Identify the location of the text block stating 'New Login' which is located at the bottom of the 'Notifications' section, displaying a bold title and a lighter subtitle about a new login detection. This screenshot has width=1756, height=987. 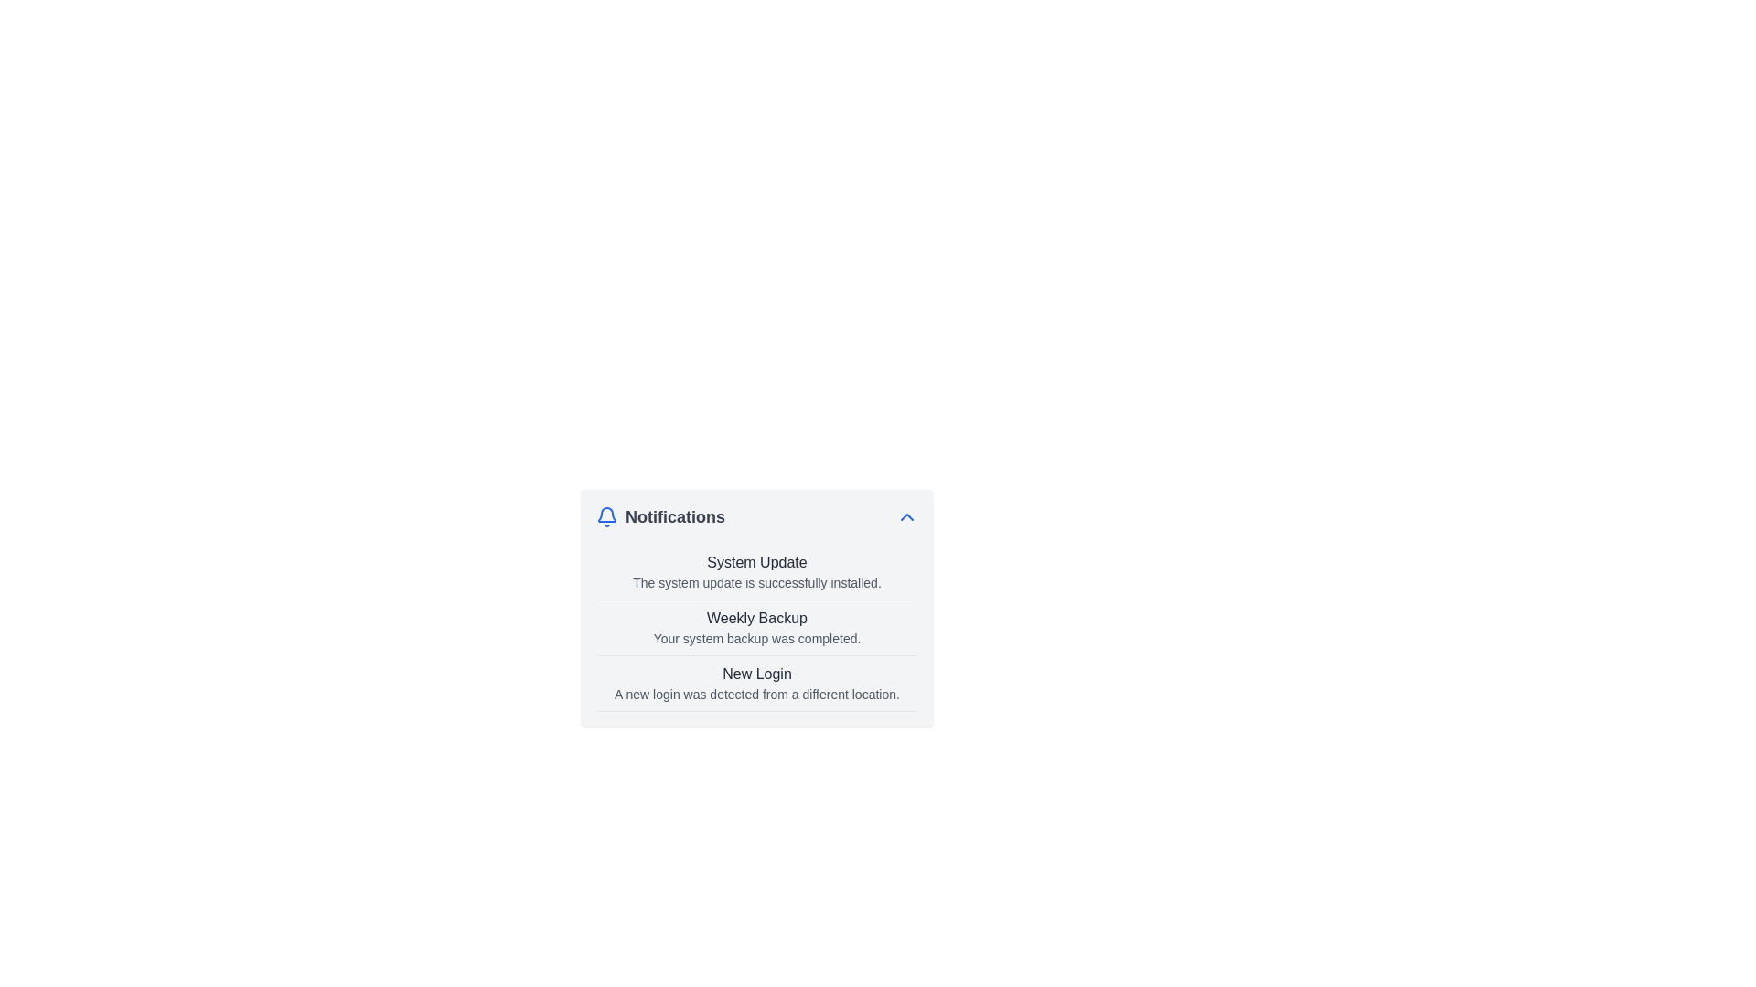
(757, 684).